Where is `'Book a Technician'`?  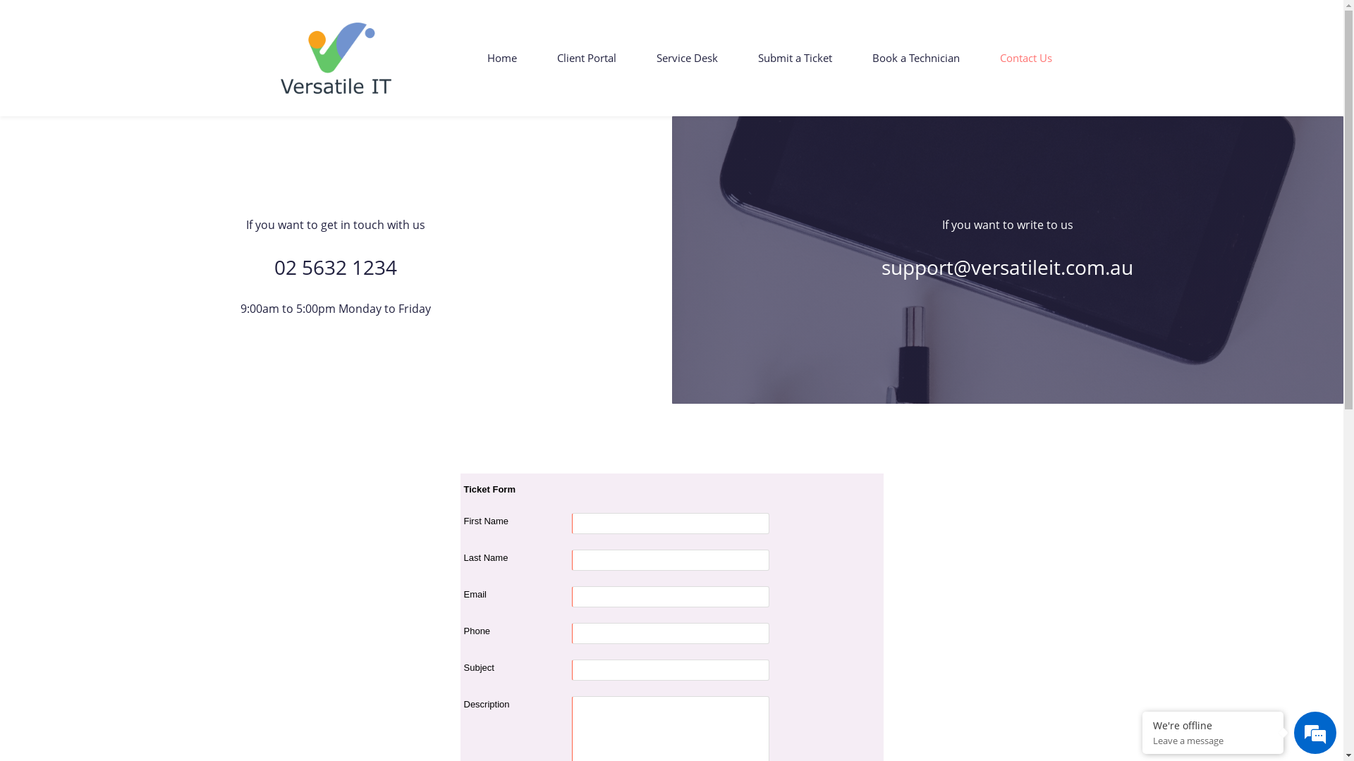
'Book a Technician' is located at coordinates (915, 57).